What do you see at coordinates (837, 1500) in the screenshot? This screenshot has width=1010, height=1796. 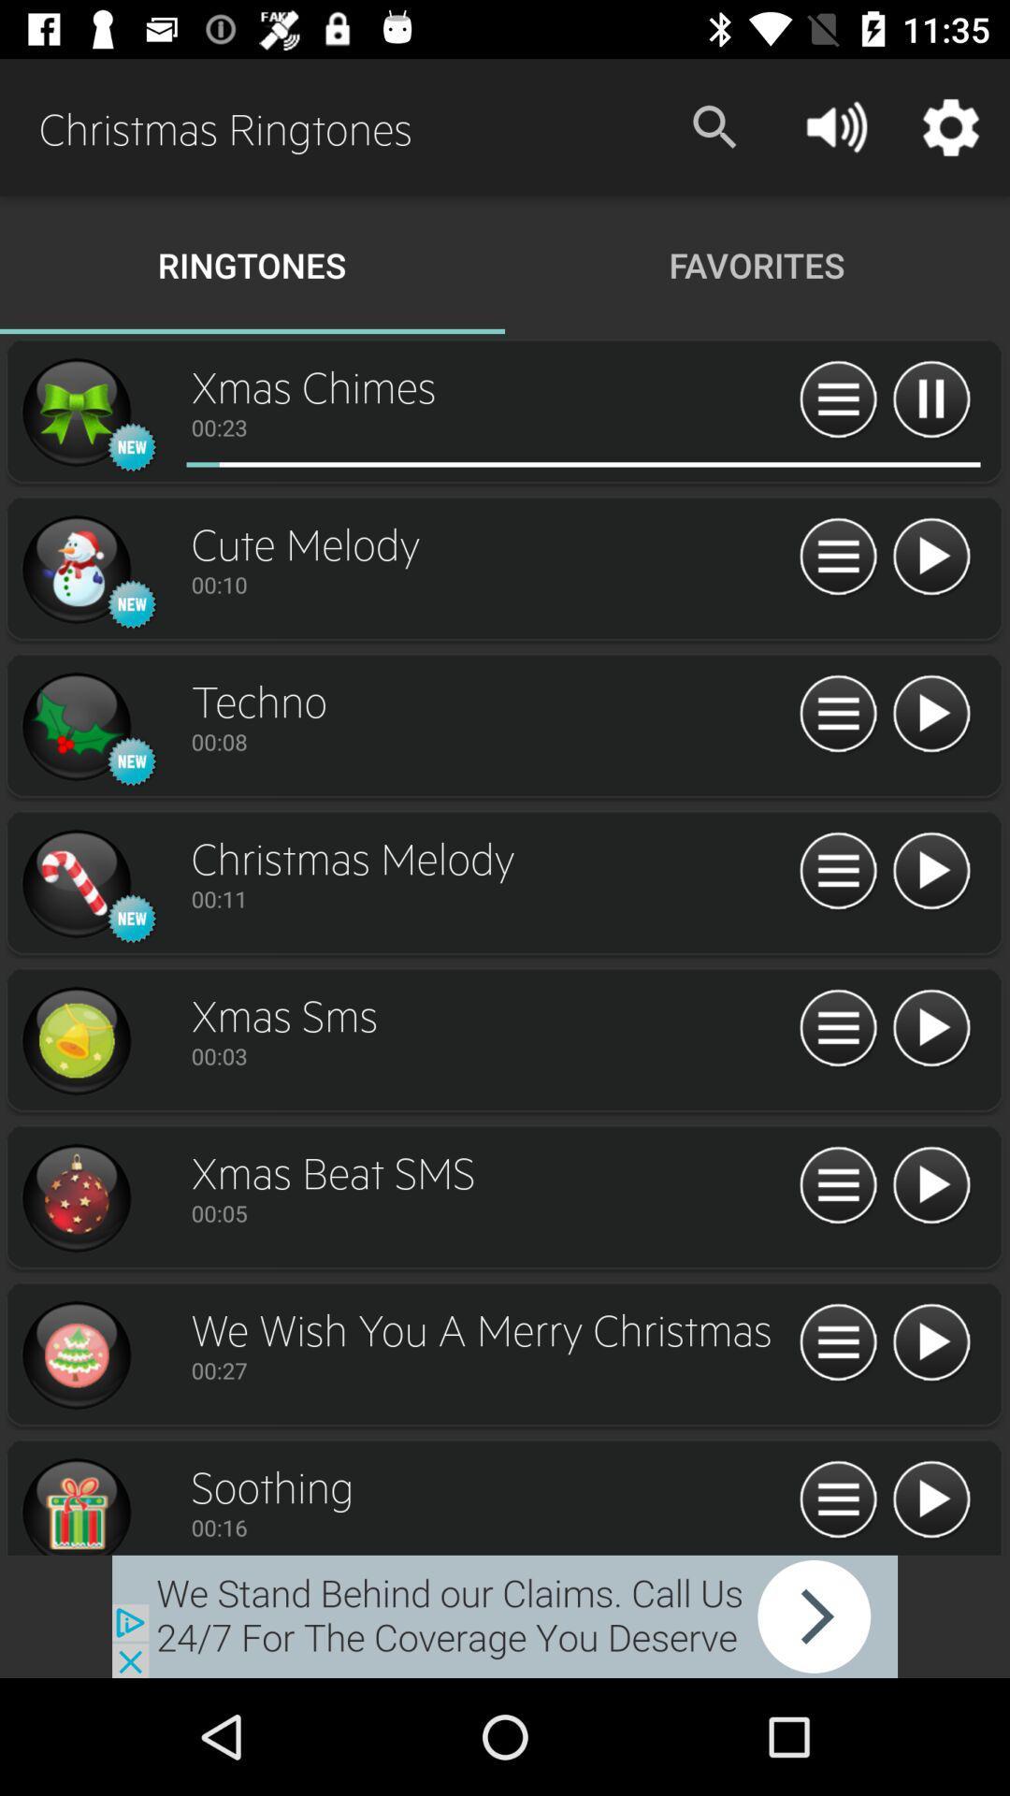 I see `shooting setting` at bounding box center [837, 1500].